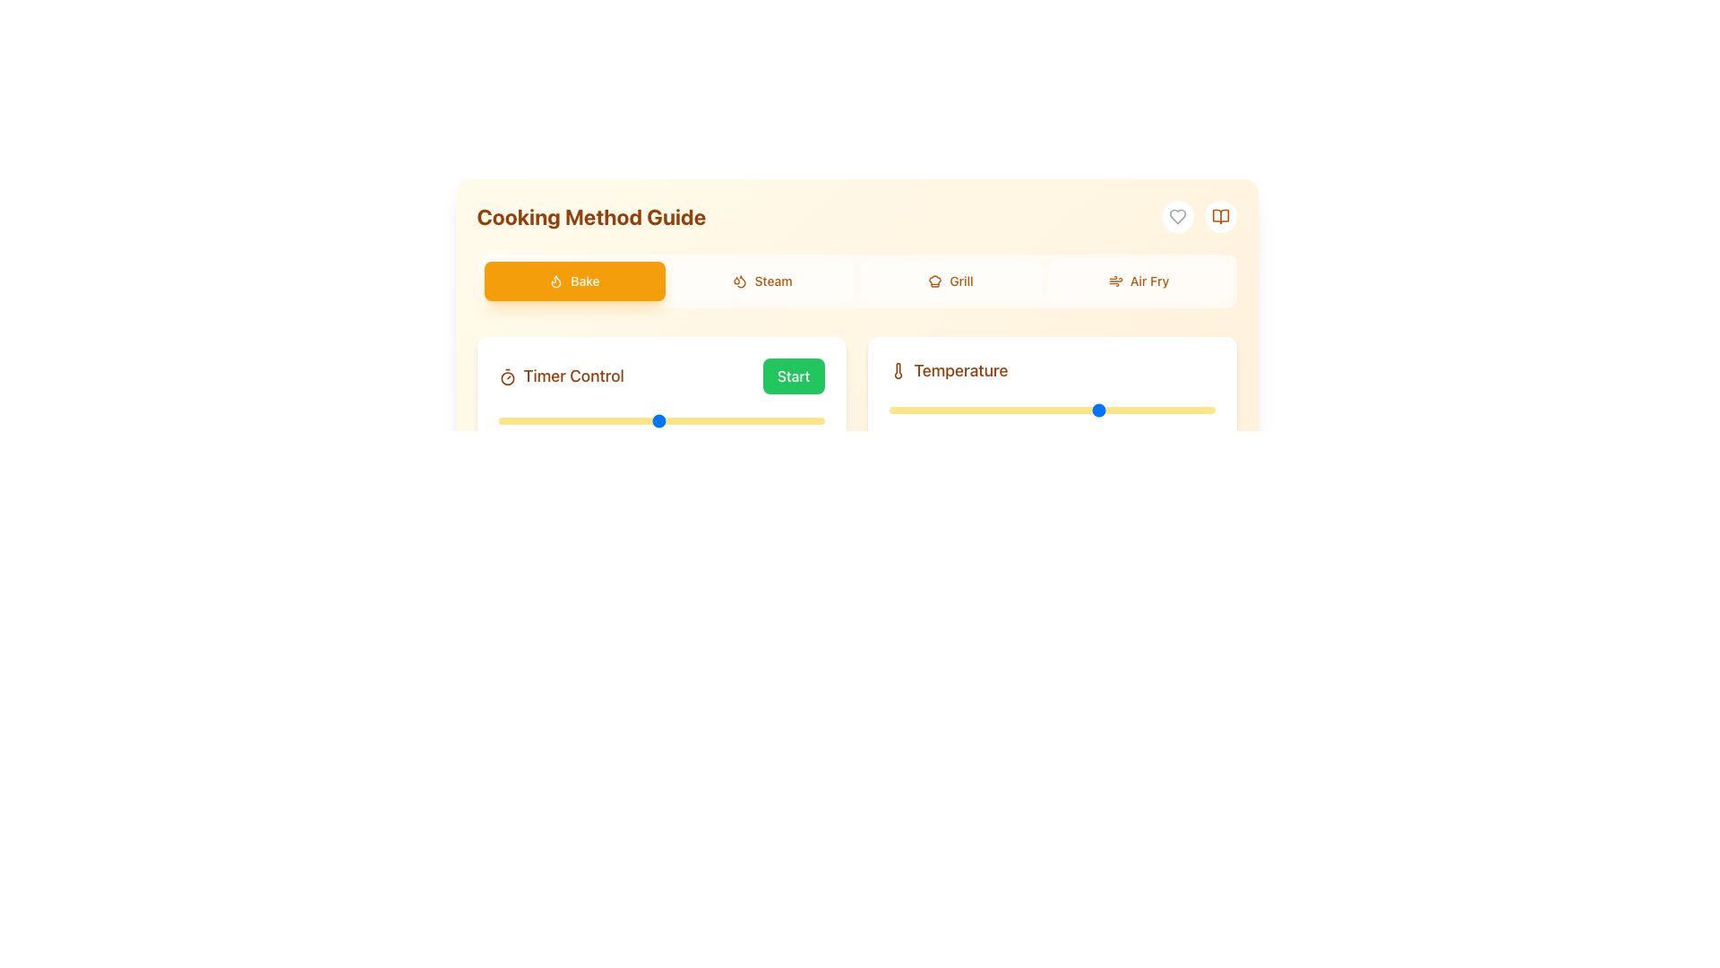 Image resolution: width=1720 pixels, height=968 pixels. What do you see at coordinates (1193, 411) in the screenshot?
I see `the slider` at bounding box center [1193, 411].